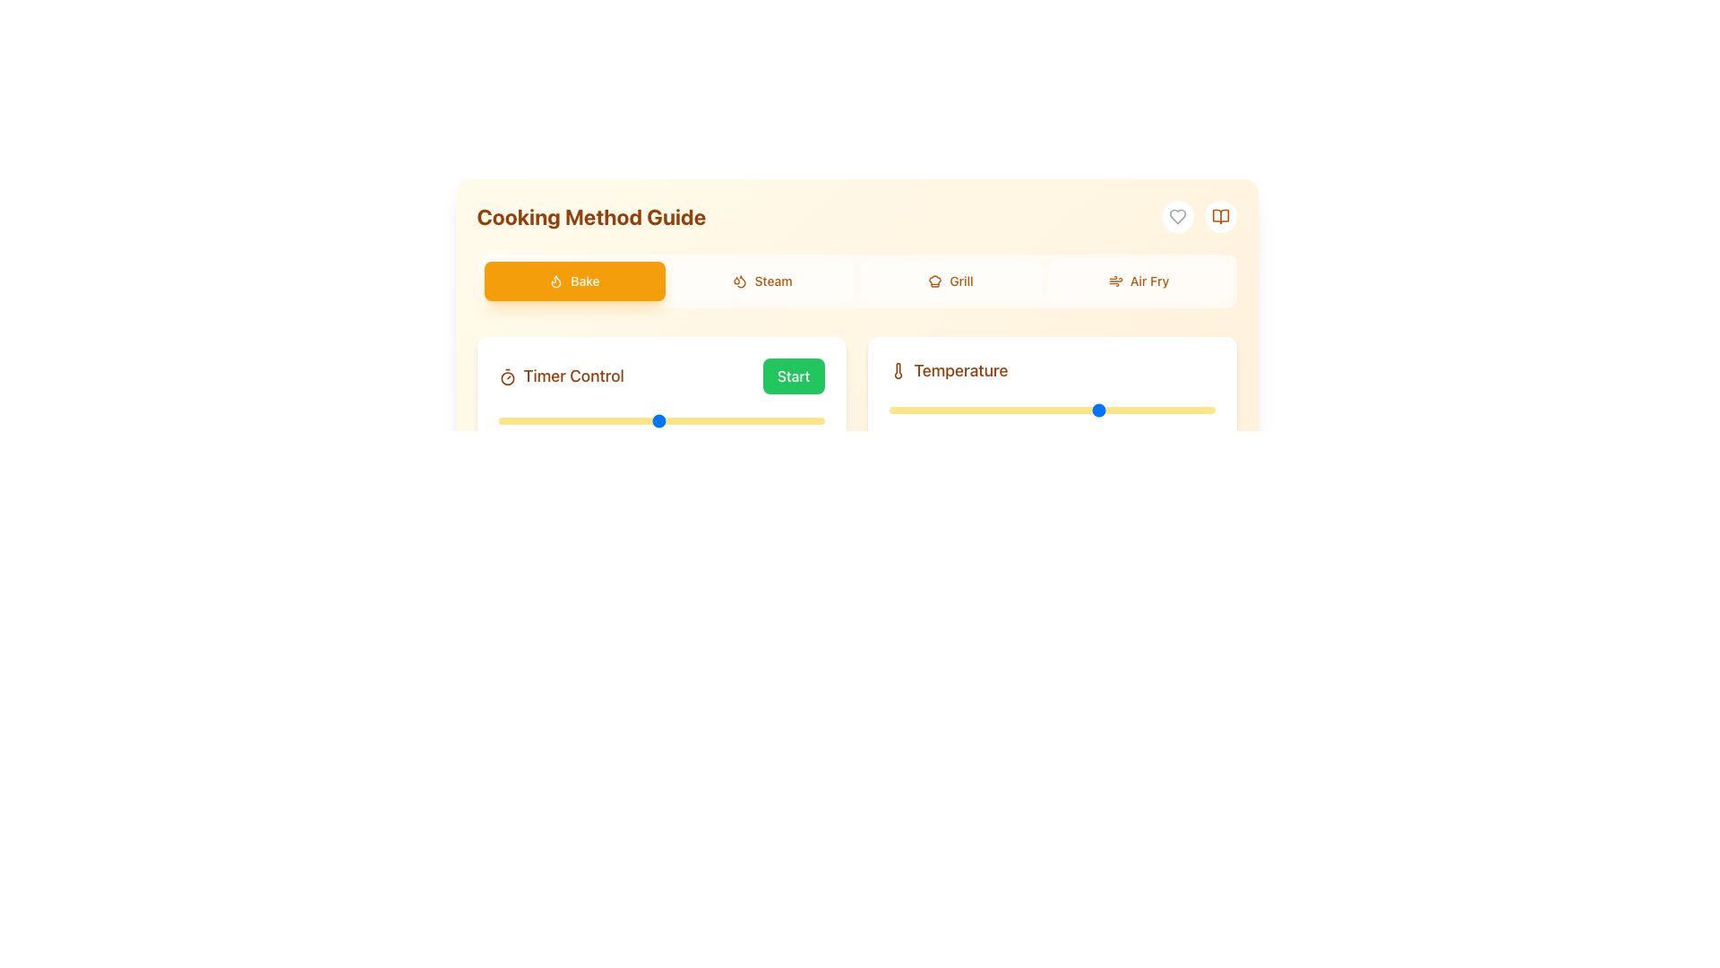 Image resolution: width=1720 pixels, height=968 pixels. What do you see at coordinates (1193, 411) in the screenshot?
I see `the slider` at bounding box center [1193, 411].